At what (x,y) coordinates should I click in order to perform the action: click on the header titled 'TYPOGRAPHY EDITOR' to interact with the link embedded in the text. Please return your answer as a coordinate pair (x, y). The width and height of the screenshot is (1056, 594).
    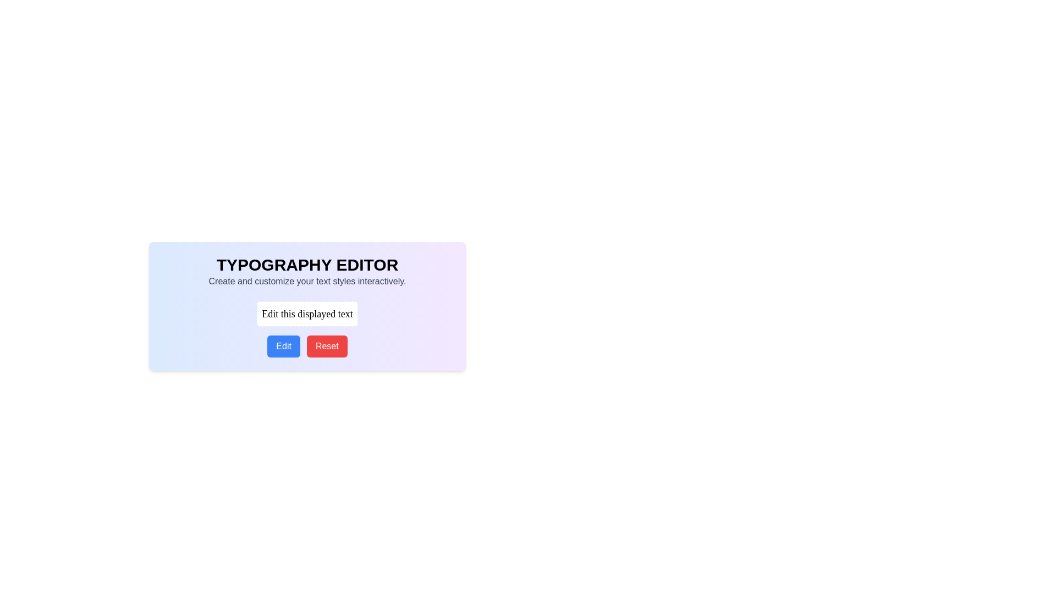
    Looking at the image, I should click on (307, 271).